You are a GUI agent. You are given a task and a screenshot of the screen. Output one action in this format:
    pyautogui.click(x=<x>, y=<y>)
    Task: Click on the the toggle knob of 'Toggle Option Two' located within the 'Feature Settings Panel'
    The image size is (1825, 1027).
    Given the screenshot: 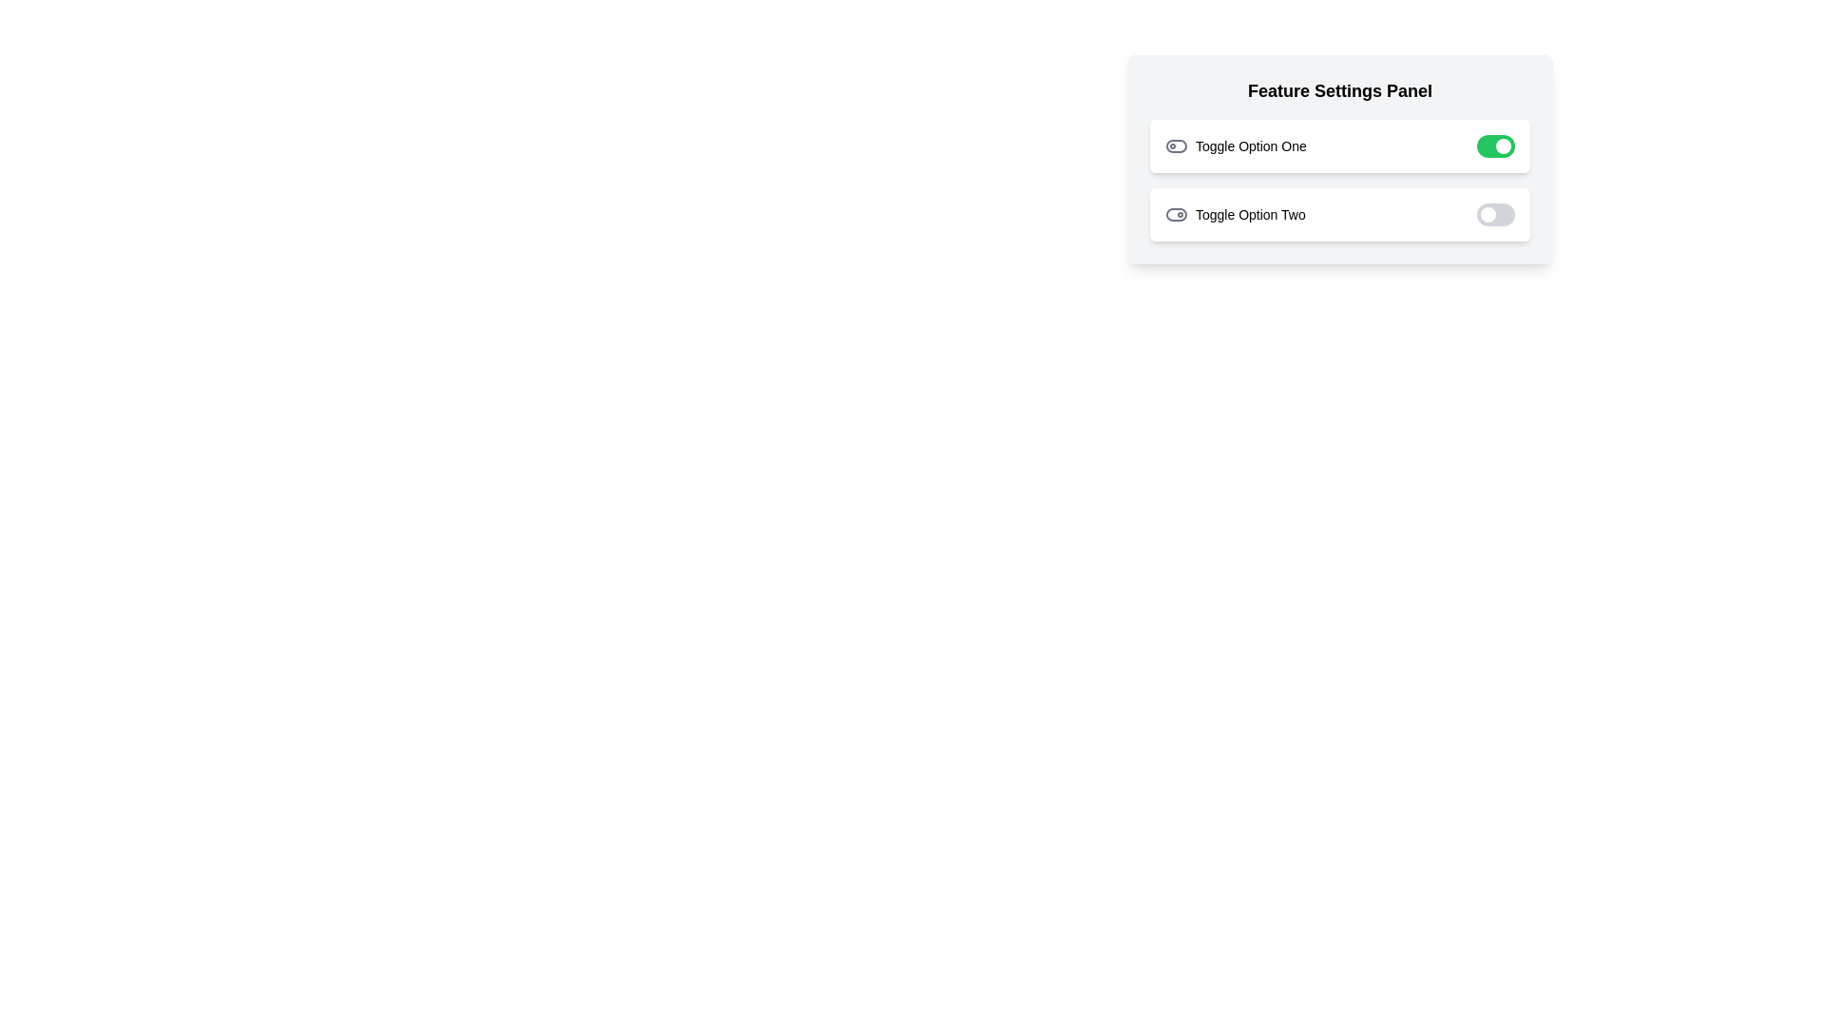 What is the action you would take?
    pyautogui.click(x=1487, y=214)
    